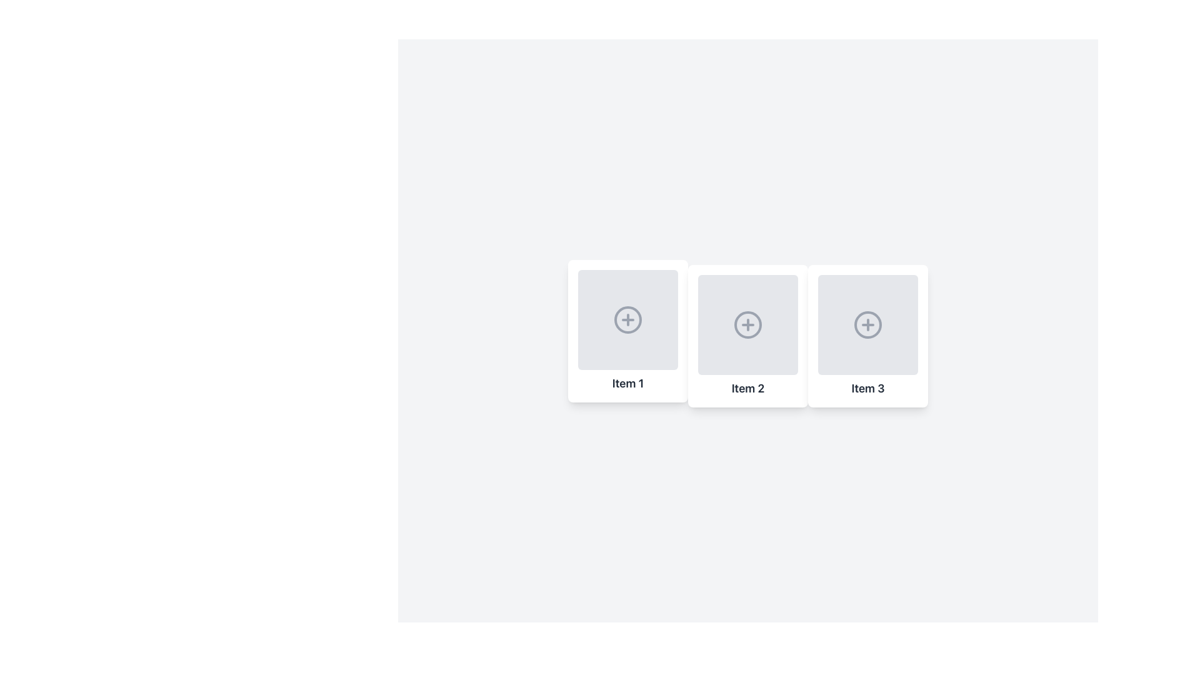 The image size is (1200, 675). I want to click on the circular icon button with a gray border and a gray '+' in the center located in 'Item 1', so click(627, 319).